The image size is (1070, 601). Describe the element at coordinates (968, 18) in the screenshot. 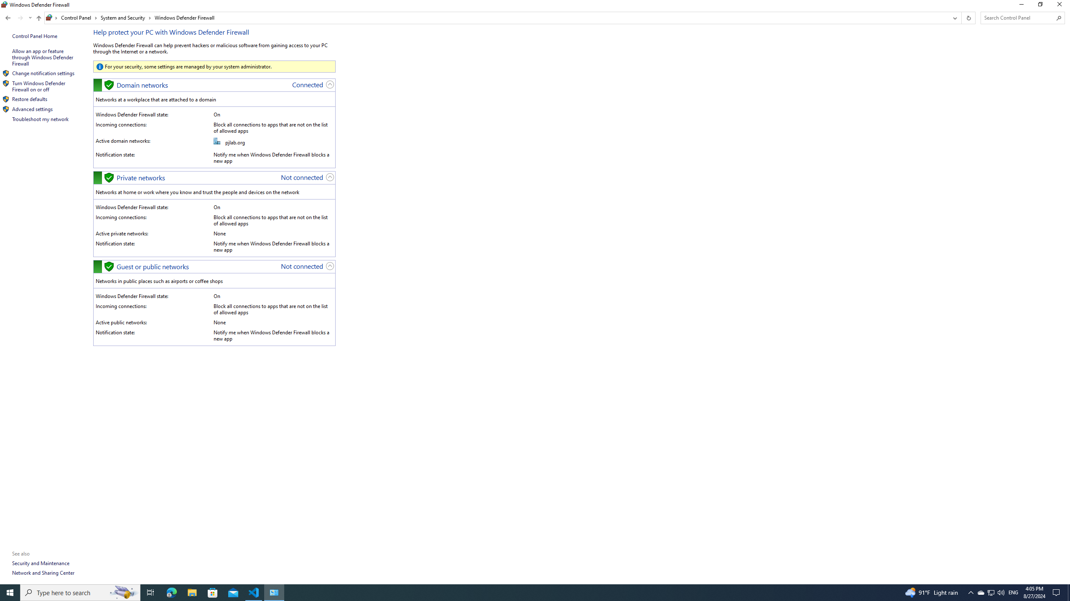

I see `'Refresh "Windows Defender Firewall" (F5)'` at that location.